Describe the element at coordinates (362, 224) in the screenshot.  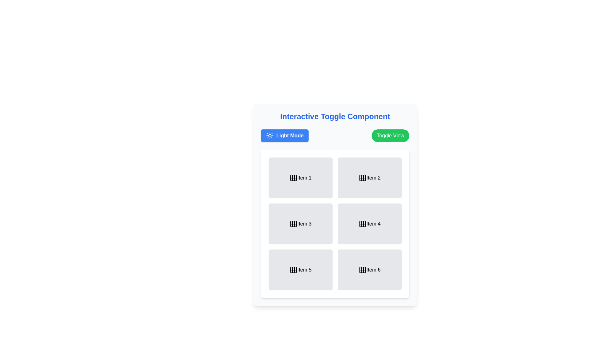
I see `the small grid icon with a 3x3 pattern located centrally within the light gray card labeled 'Item 4'` at that location.